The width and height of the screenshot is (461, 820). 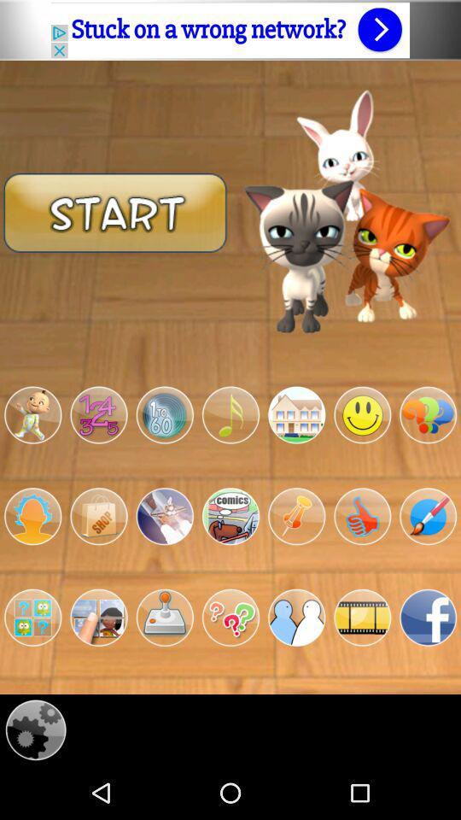 I want to click on the second left image in second row, so click(x=98, y=515).